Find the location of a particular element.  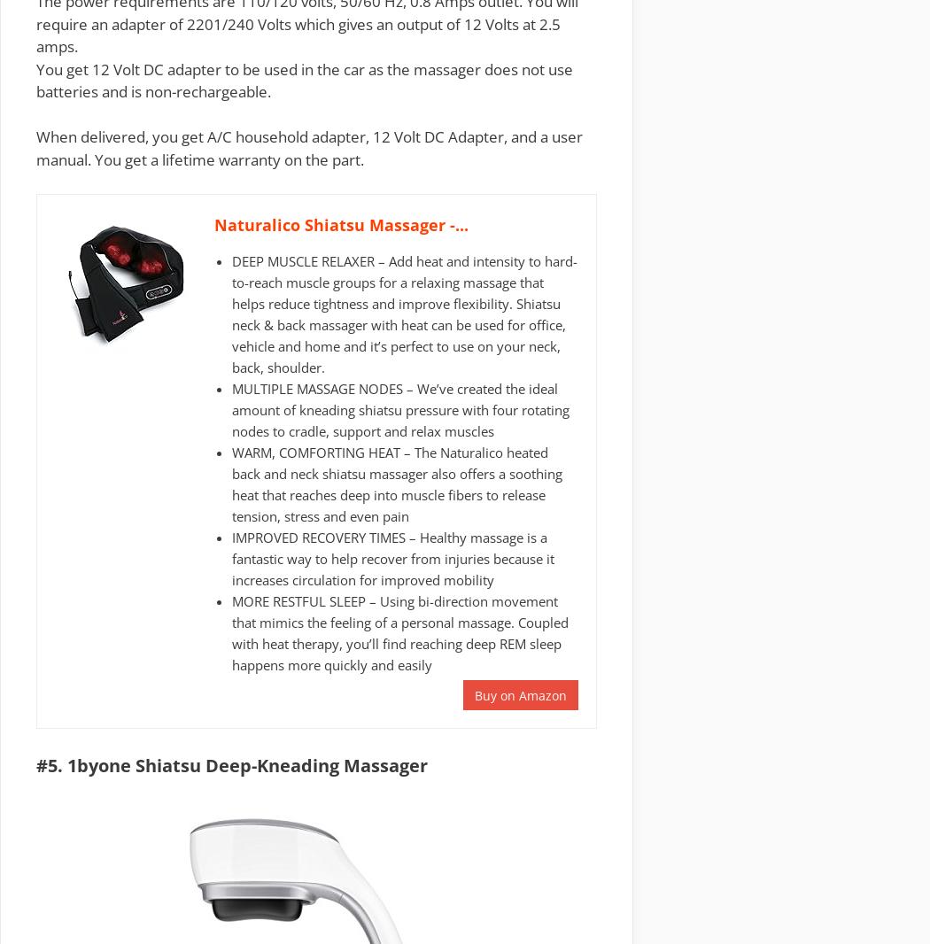

'When delivered, you get A/C household adapter, 12 Volt DC Adapter, and a user manual. You get a' is located at coordinates (35, 147).